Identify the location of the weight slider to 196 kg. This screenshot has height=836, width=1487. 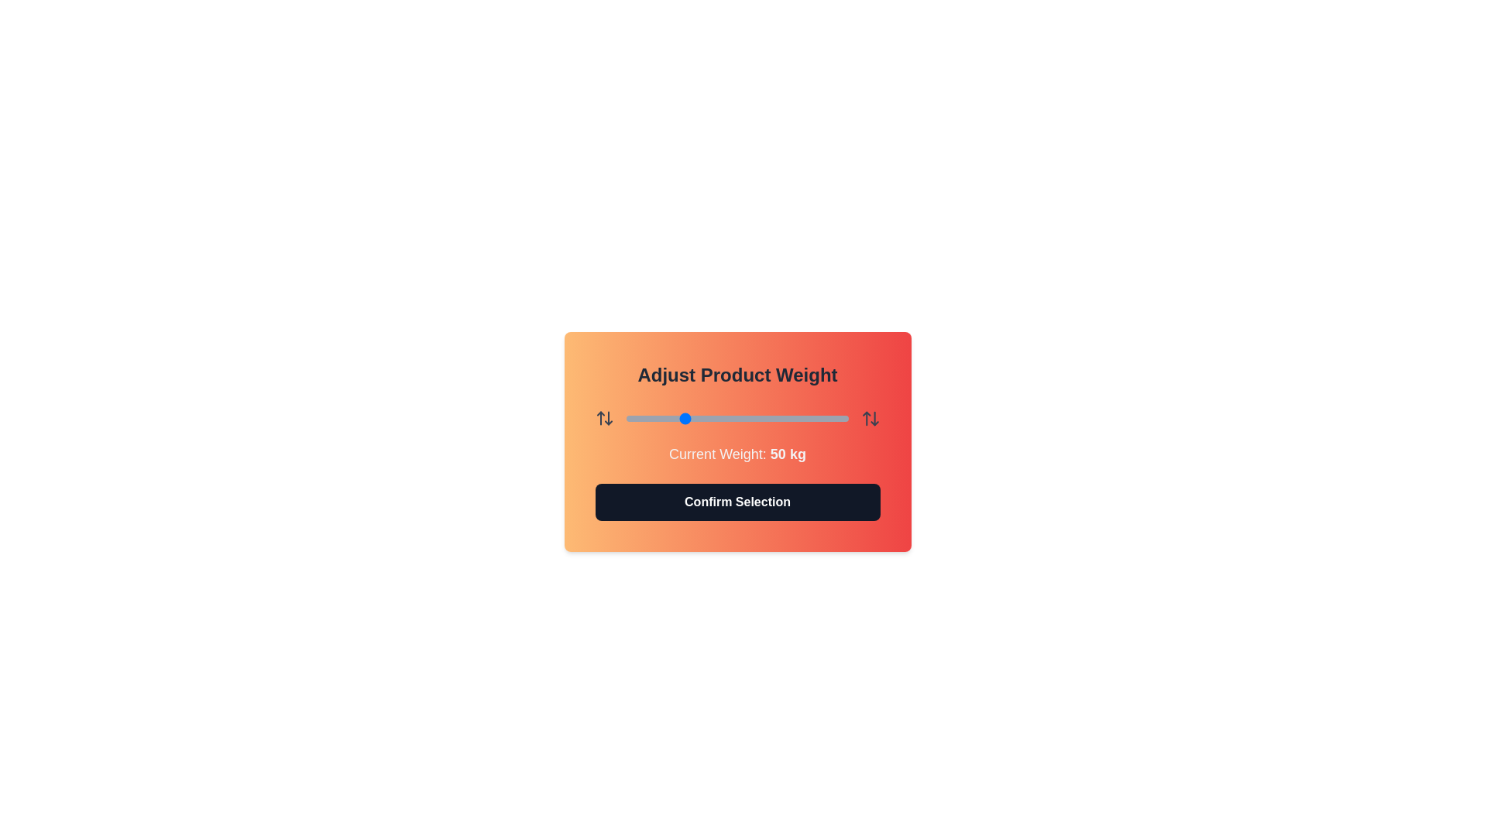
(843, 418).